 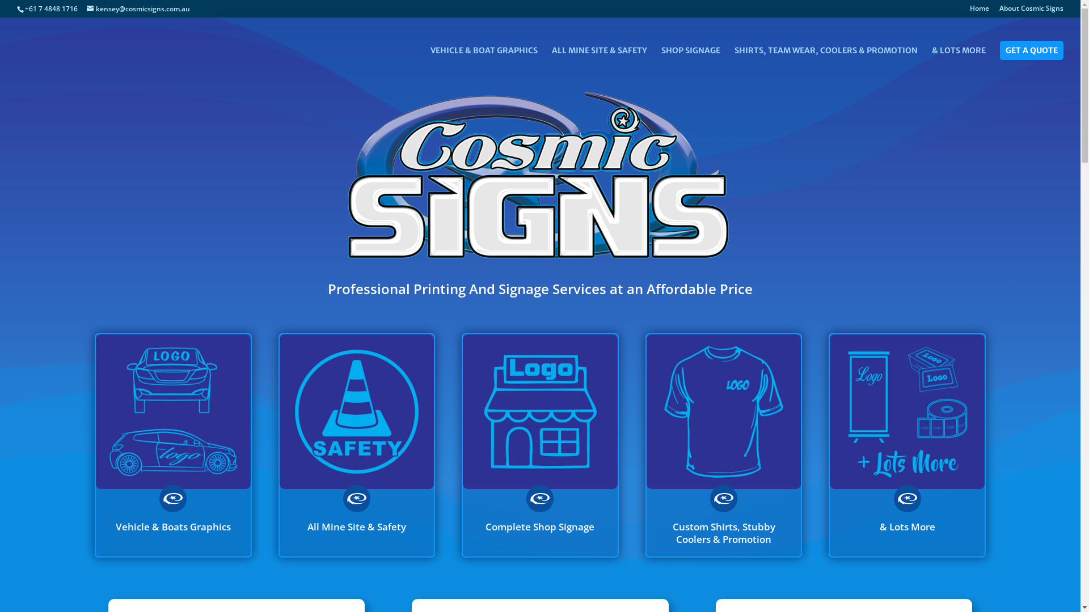 I want to click on 'kensey@cosmicsigns.com.au', so click(x=86, y=8).